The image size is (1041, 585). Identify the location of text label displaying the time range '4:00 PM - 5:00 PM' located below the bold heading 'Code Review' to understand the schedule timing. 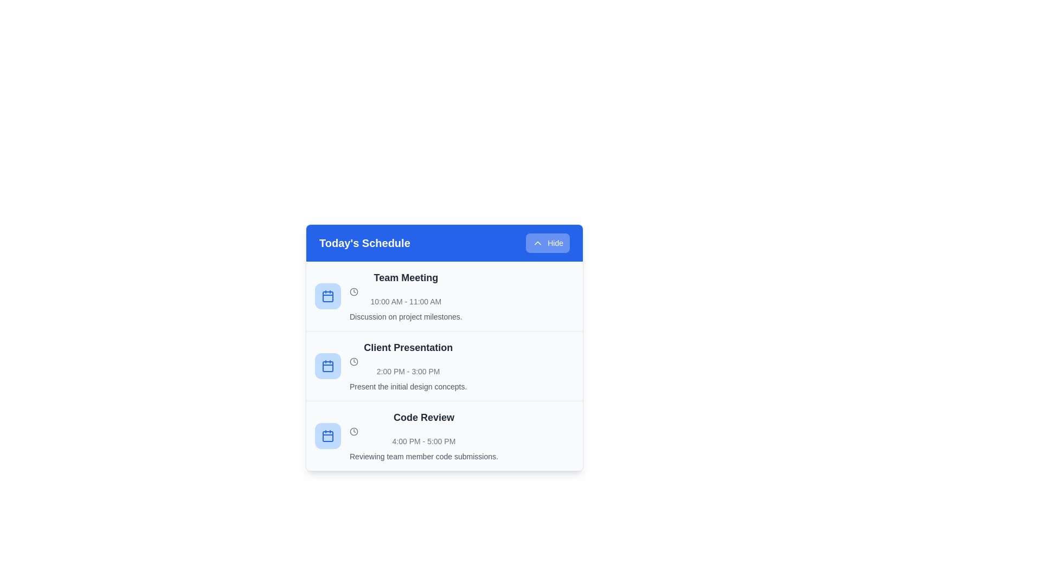
(423, 436).